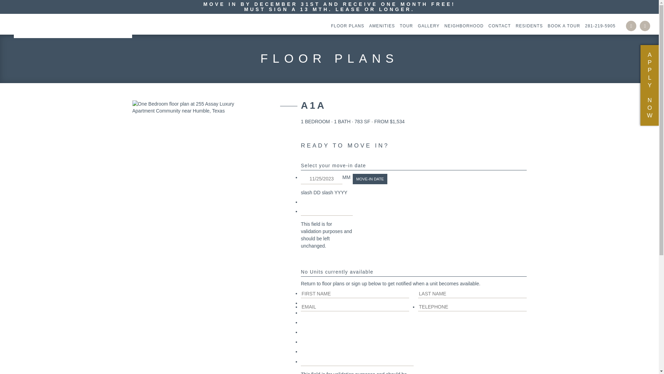  What do you see at coordinates (562, 25) in the screenshot?
I see `'BOOK A TOUR'` at bounding box center [562, 25].